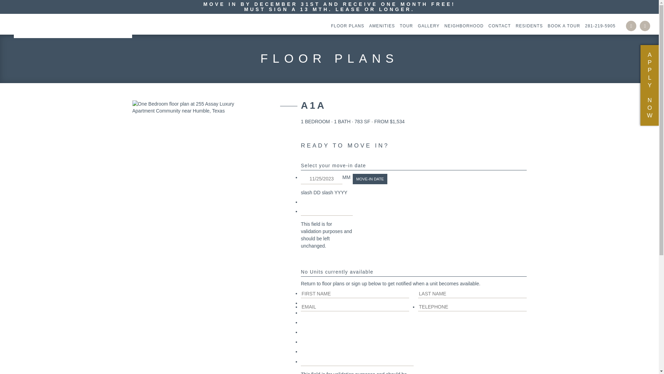  What do you see at coordinates (562, 25) in the screenshot?
I see `'BOOK A TOUR'` at bounding box center [562, 25].